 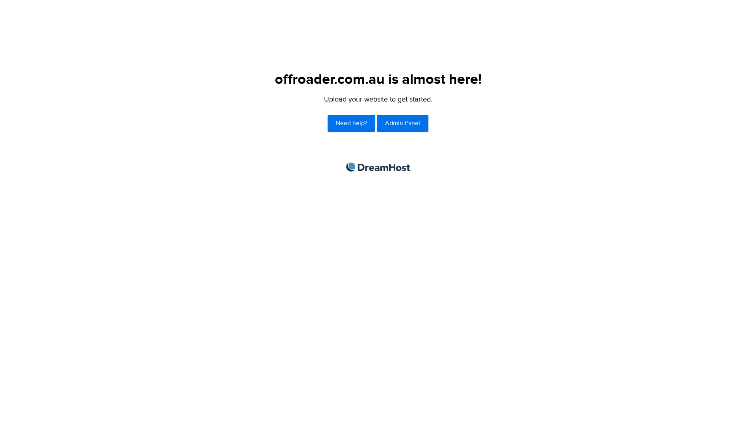 What do you see at coordinates (346, 166) in the screenshot?
I see `'DreamHost'` at bounding box center [346, 166].